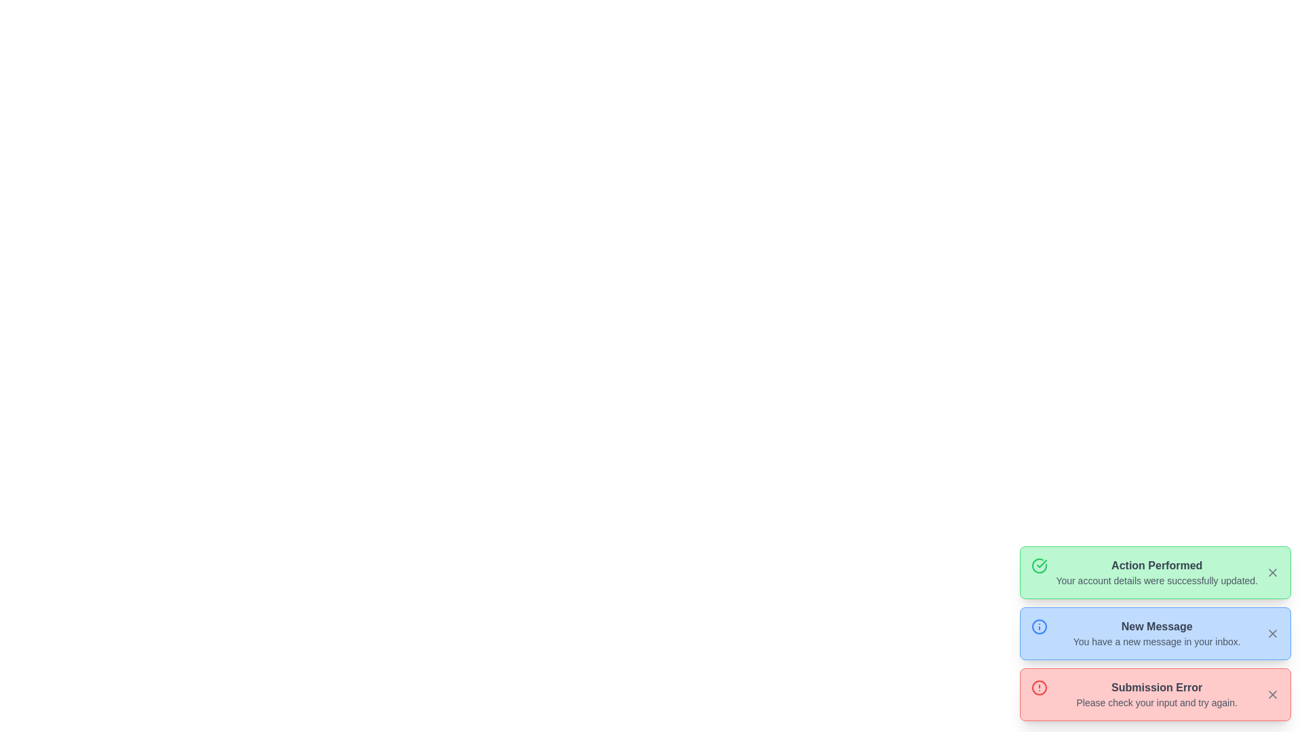 This screenshot has height=732, width=1302. I want to click on the error notification message block located inside a red-bordered, rounded rectangle at the bottom of a list of message boxes, so click(1156, 695).